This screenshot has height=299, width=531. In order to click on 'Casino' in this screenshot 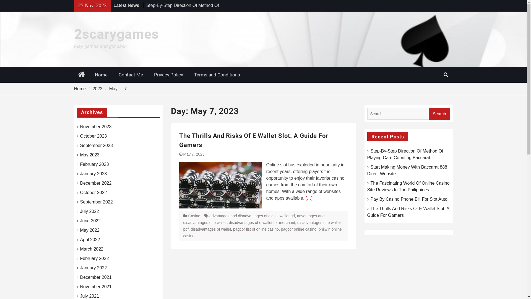, I will do `click(194, 215)`.